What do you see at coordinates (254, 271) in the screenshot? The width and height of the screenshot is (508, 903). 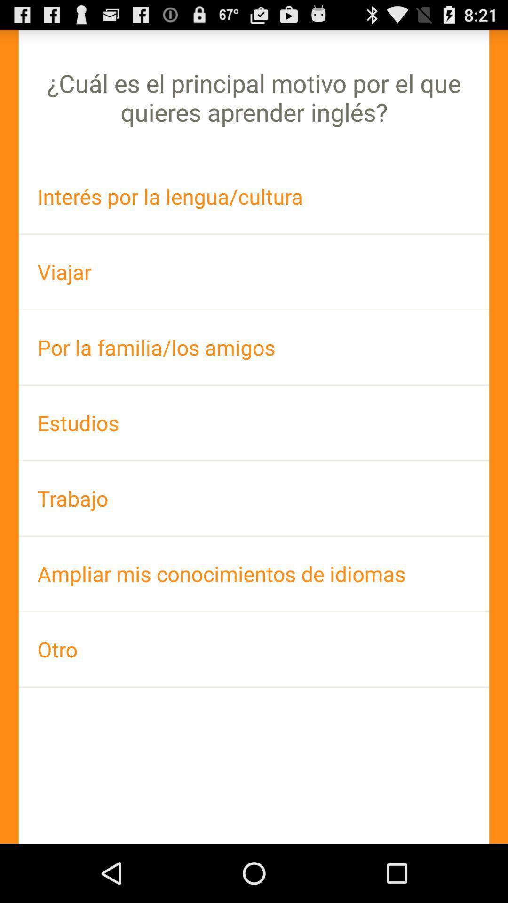 I see `the app above the por la familia app` at bounding box center [254, 271].